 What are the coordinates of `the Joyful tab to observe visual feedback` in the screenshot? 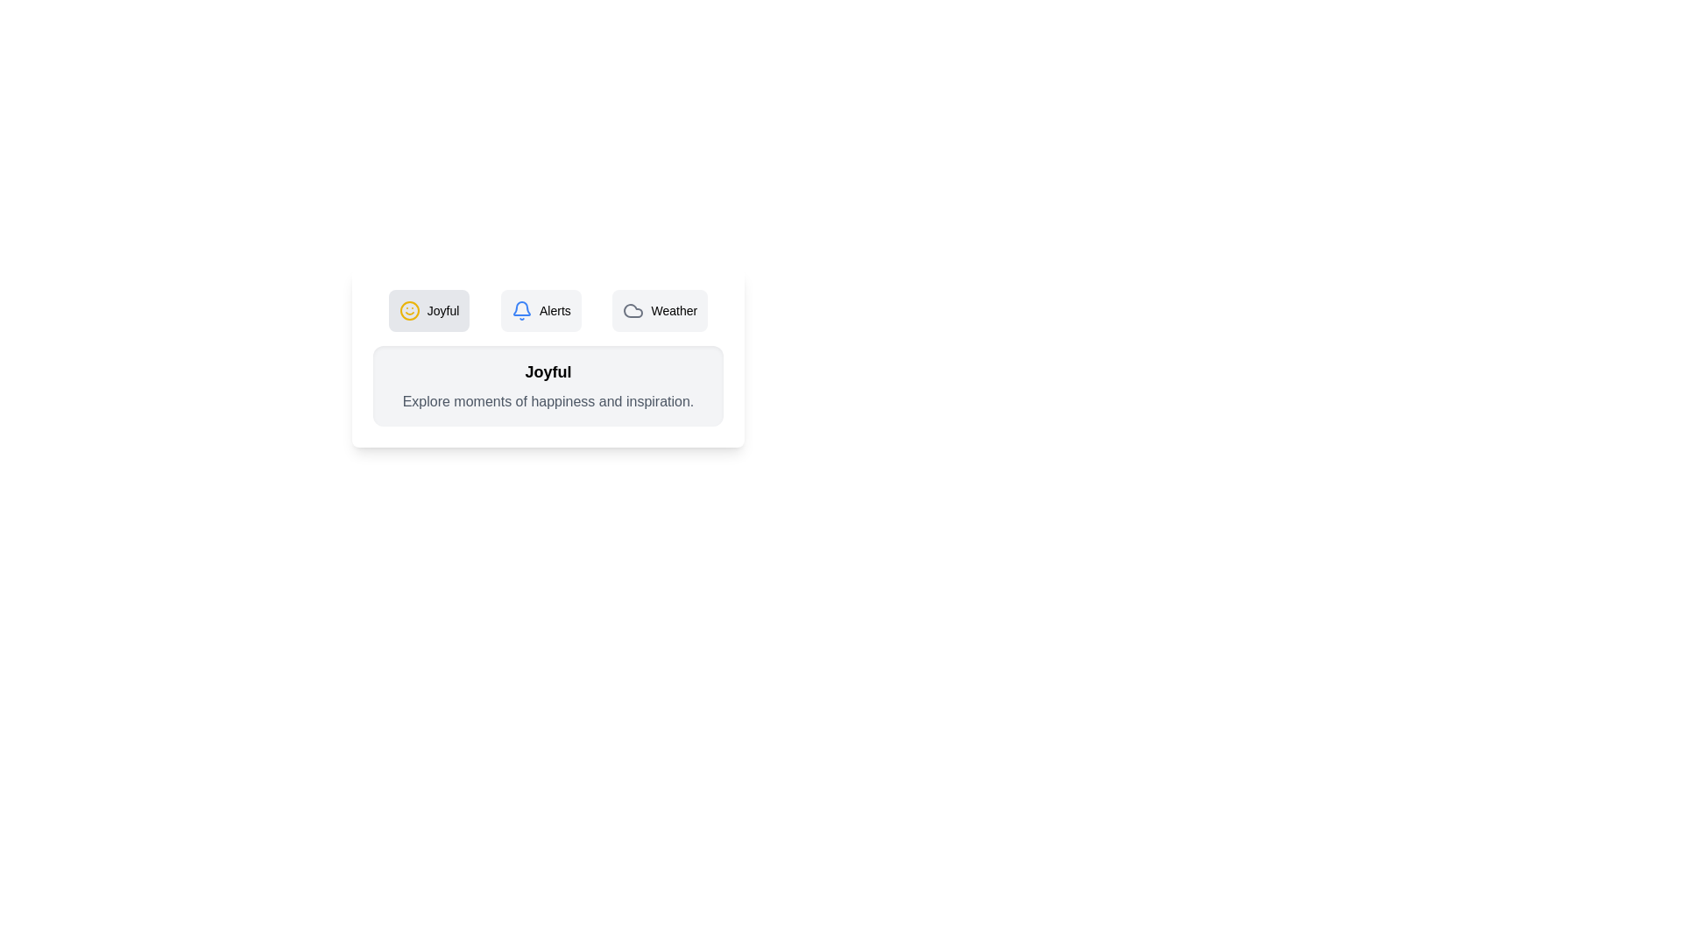 It's located at (428, 309).